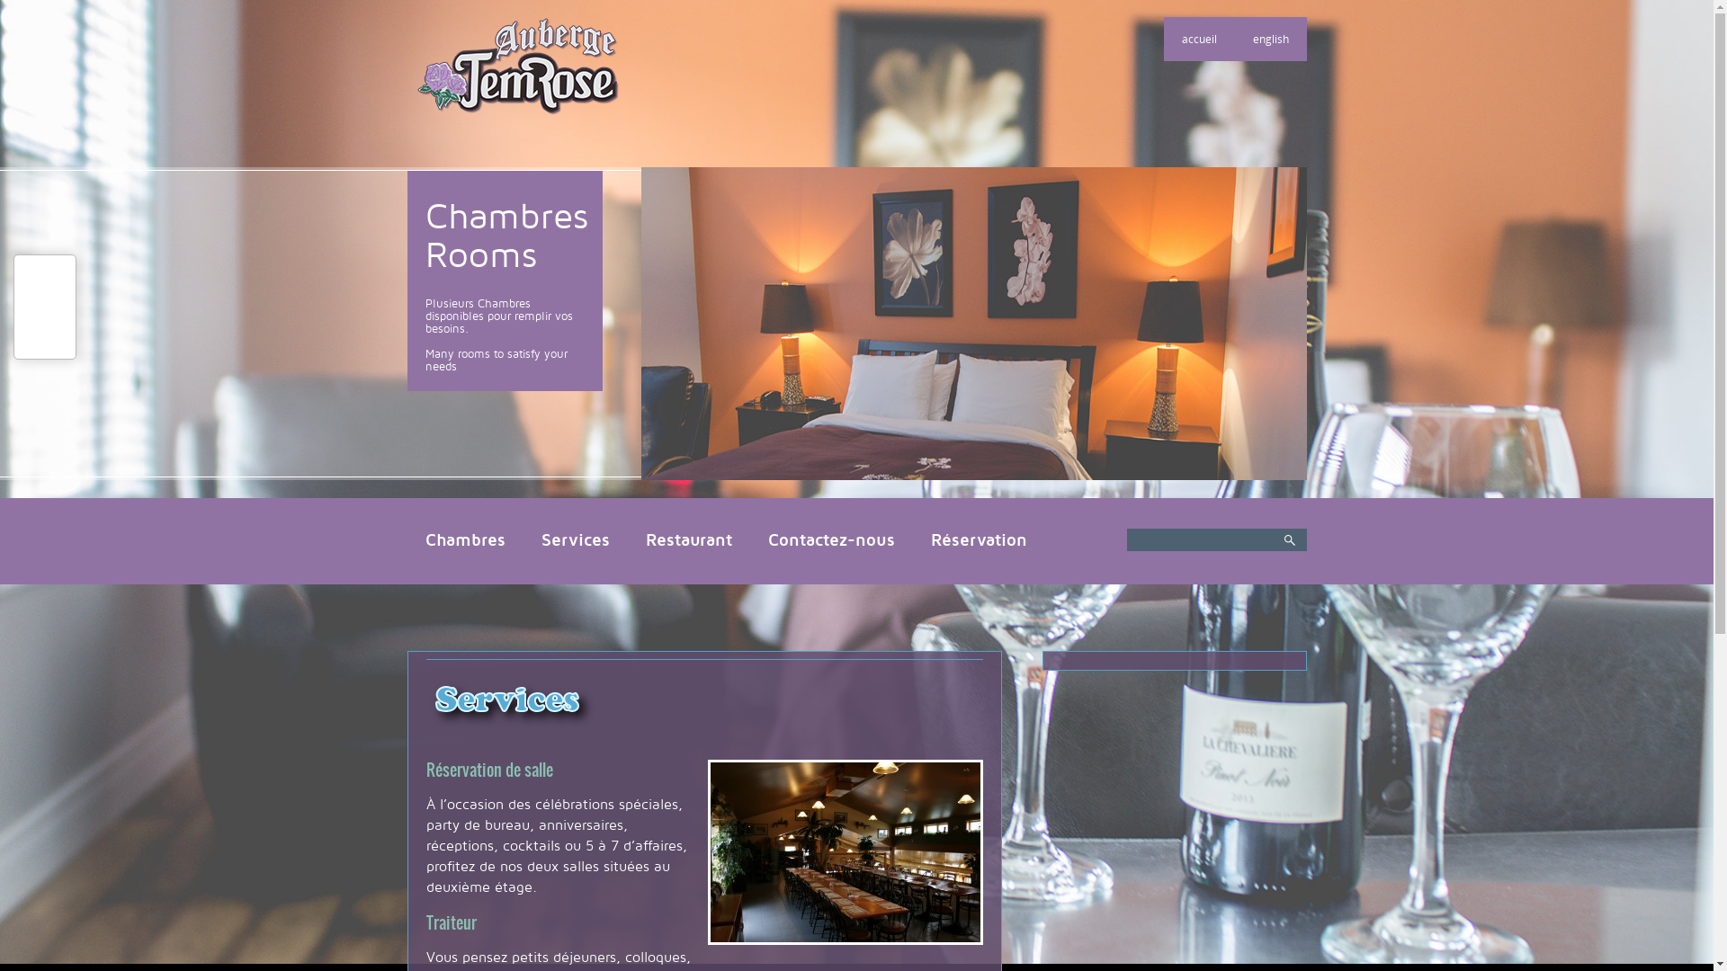 The width and height of the screenshot is (1727, 971). What do you see at coordinates (505, 235) in the screenshot?
I see `'Chambres Rooms'` at bounding box center [505, 235].